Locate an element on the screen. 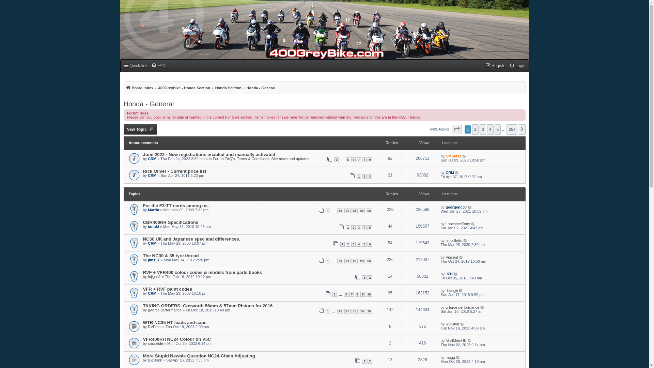 The width and height of the screenshot is (654, 368). 'JZH' is located at coordinates (449, 273).